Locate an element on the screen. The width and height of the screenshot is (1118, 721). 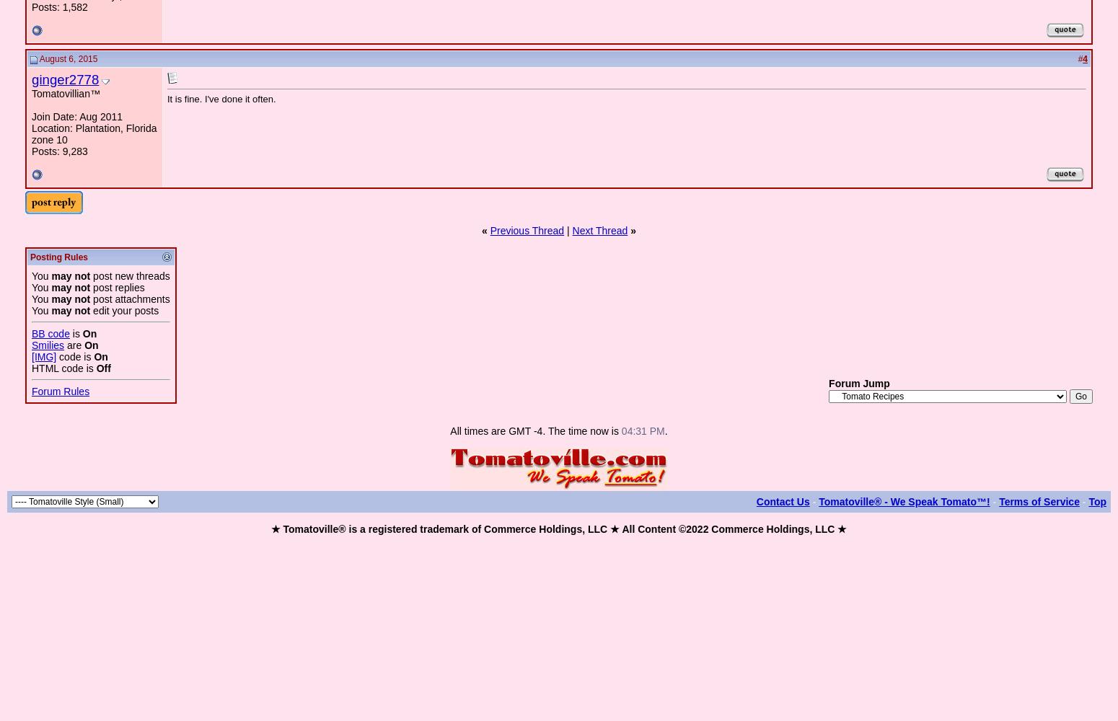
'BB code' is located at coordinates (31, 333).